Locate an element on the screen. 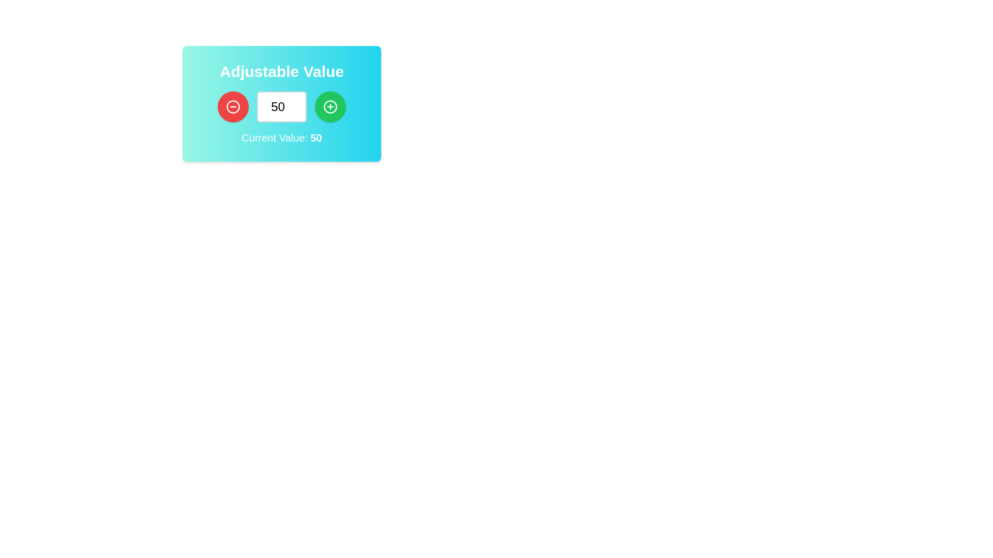  the green circular button that increments the value, located to the right of the numeric display and the red minus button in the 'Adjustable Value' card is located at coordinates (329, 107).